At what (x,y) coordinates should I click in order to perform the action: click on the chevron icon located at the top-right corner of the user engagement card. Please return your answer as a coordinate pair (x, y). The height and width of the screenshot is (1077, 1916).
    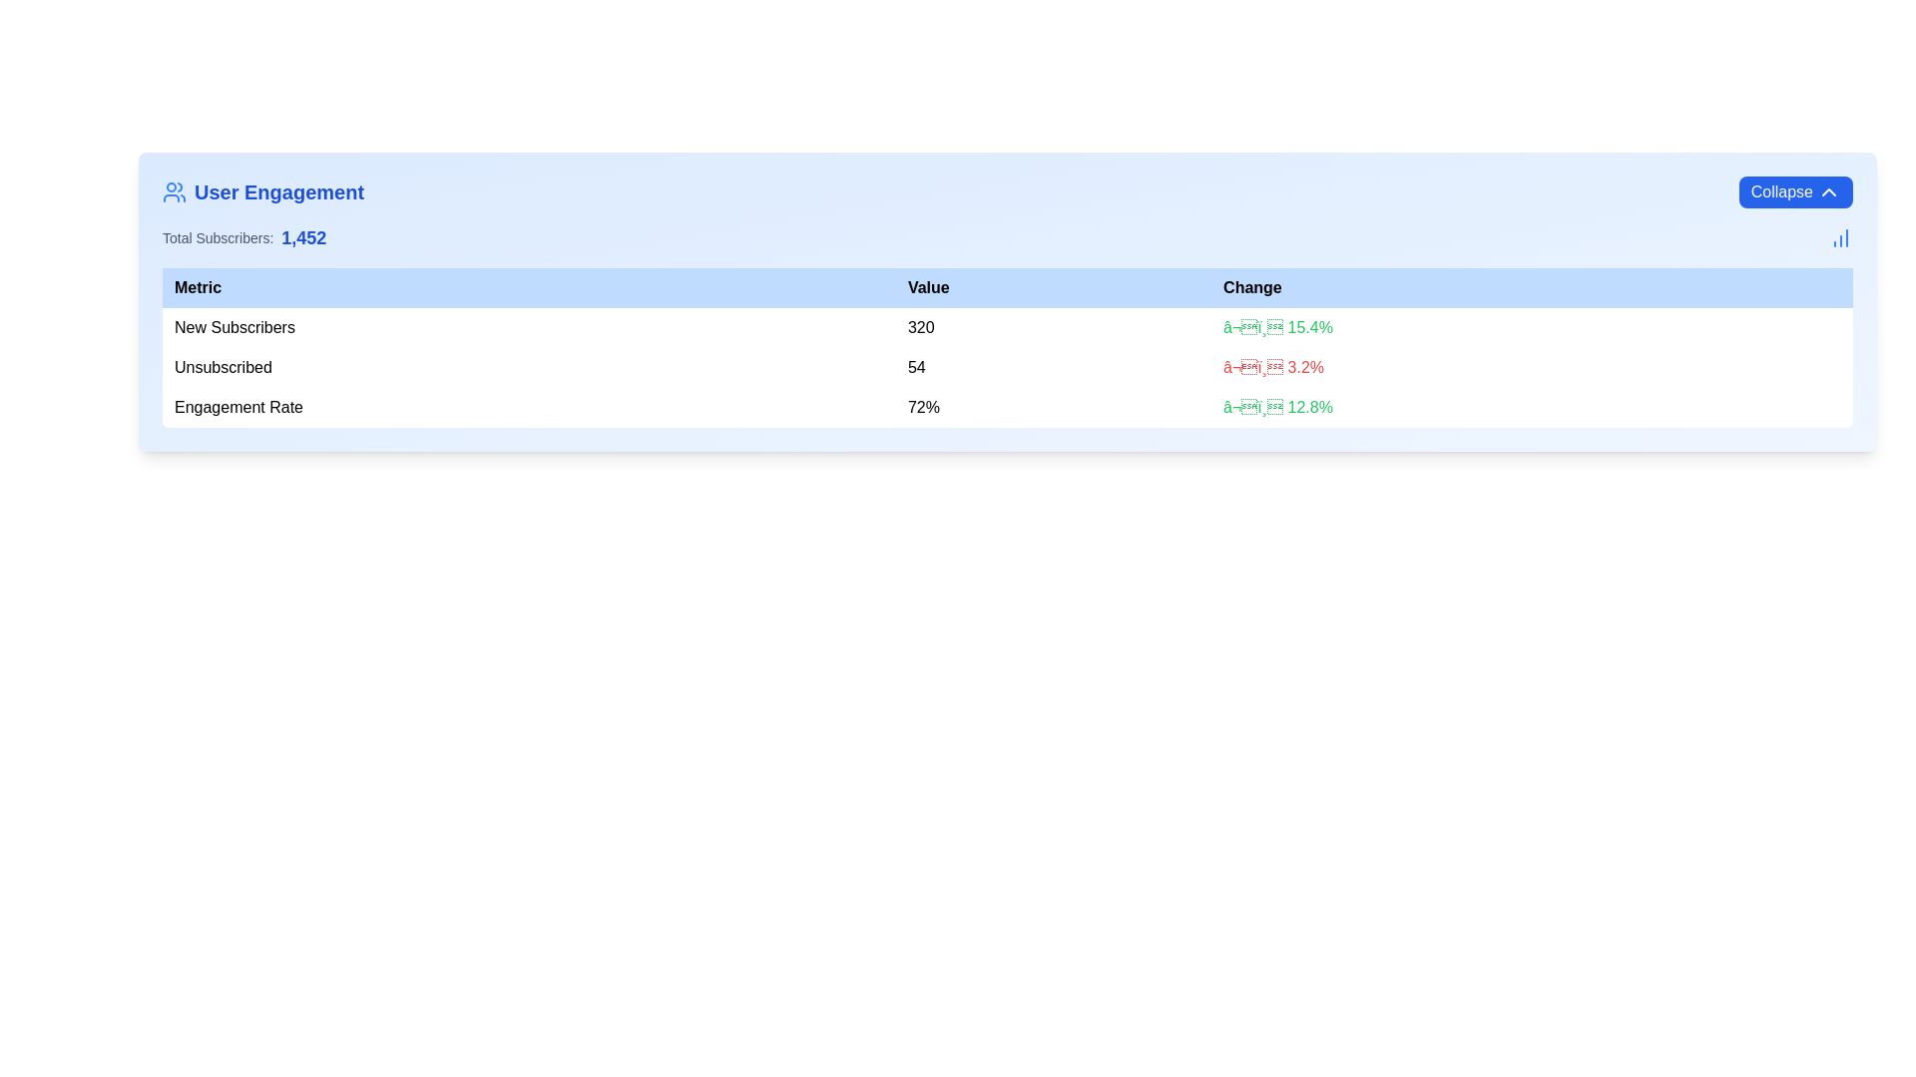
    Looking at the image, I should click on (1829, 191).